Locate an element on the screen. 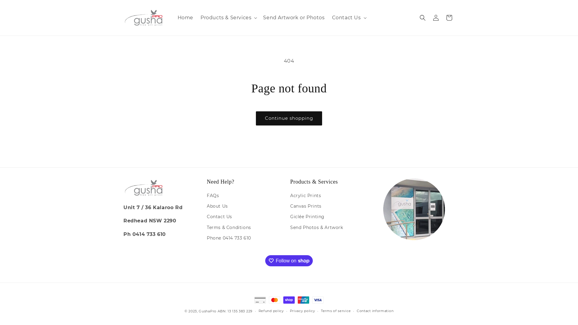  'Canvas Prints' is located at coordinates (306, 206).